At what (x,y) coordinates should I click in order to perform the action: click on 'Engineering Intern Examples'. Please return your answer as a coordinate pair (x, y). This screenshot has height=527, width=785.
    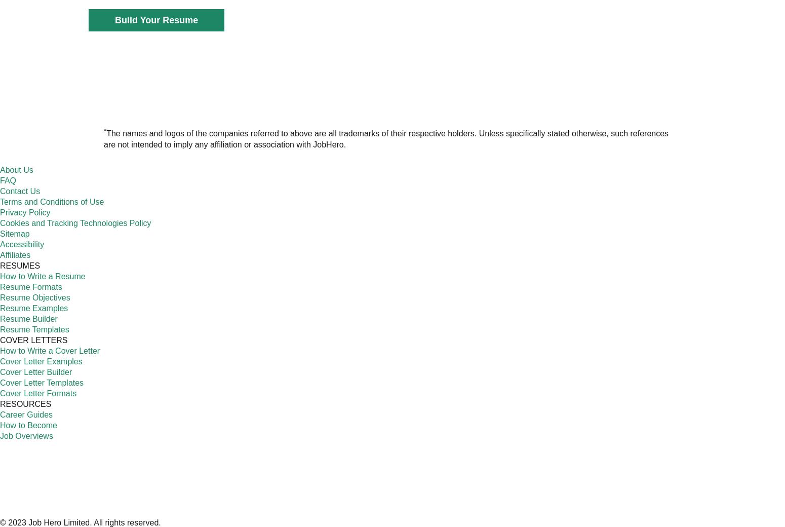
    Looking at the image, I should click on (528, 208).